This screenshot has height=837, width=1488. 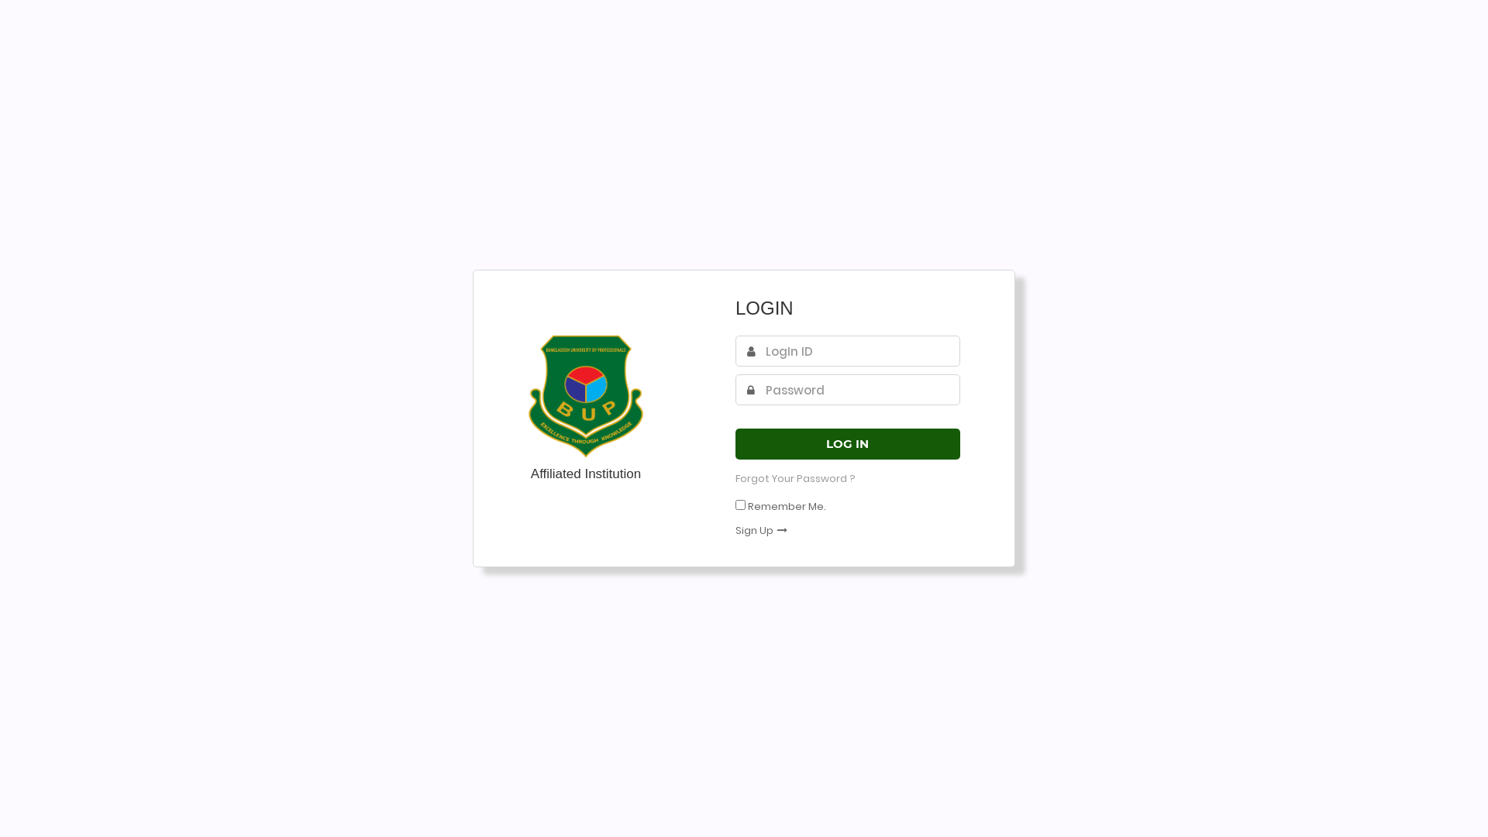 I want to click on 'Log In', so click(x=735, y=444).